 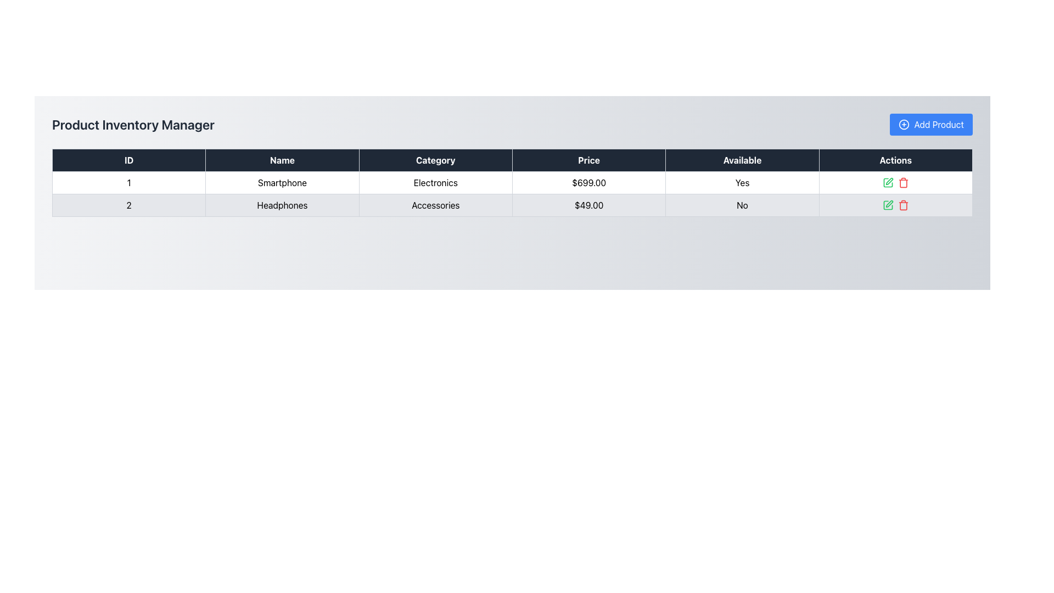 What do you see at coordinates (888, 182) in the screenshot?
I see `the edit icon located in the 'Actions' column for the second row of the table` at bounding box center [888, 182].